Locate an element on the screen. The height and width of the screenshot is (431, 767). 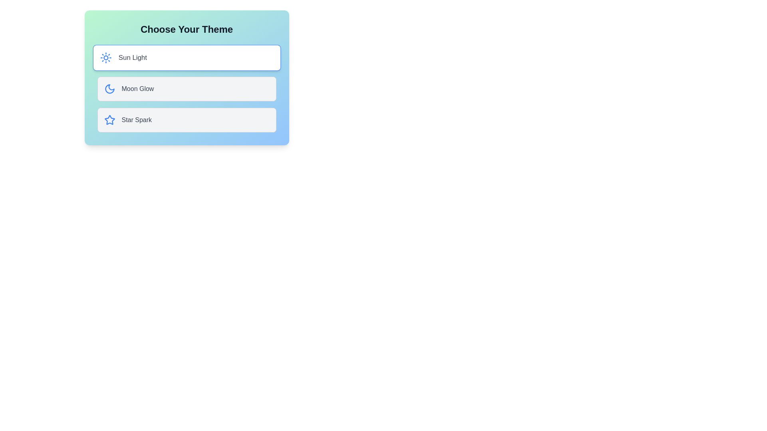
text label that displays 'Star Spark', which is styled in gray and located to the right of a star icon within a rounded rectangle under the 'Choose Your Theme' heading is located at coordinates (137, 120).